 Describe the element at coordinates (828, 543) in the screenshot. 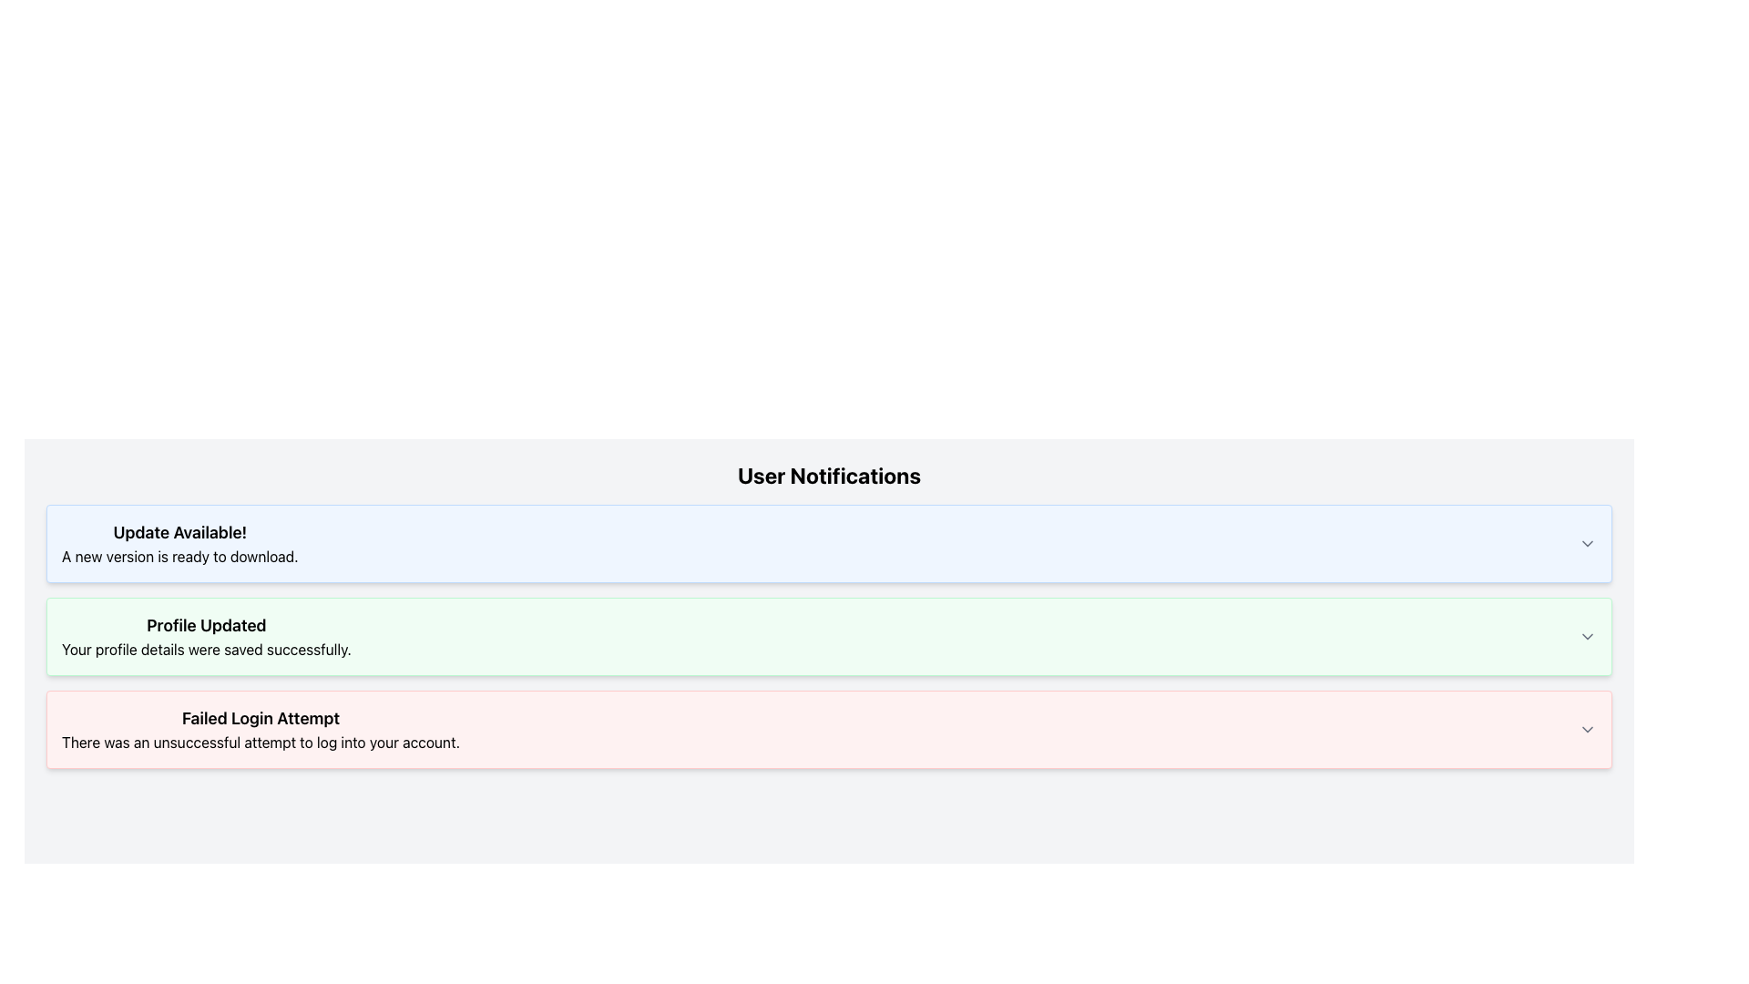

I see `message displayed in the Notification card that informs the user about the availability of a new version for download` at that location.